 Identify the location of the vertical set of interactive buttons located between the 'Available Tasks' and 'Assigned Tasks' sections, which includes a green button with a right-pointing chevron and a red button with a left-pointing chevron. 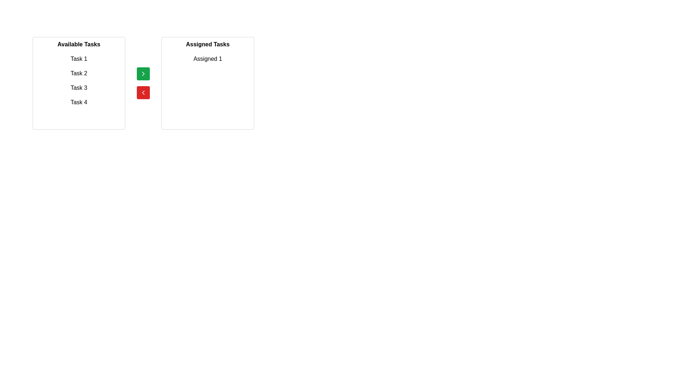
(143, 83).